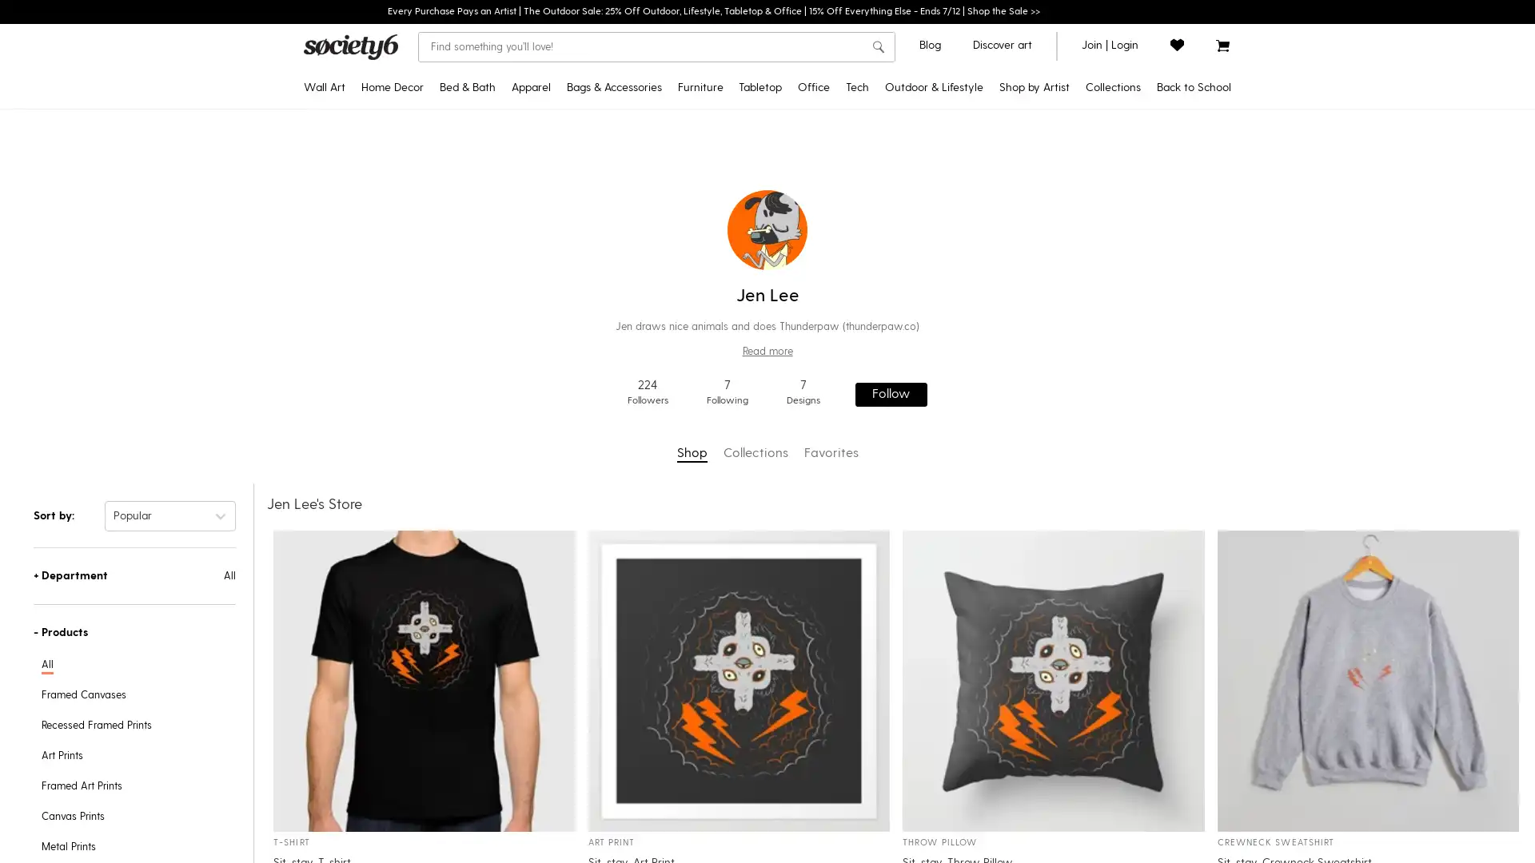  Describe the element at coordinates (991, 231) in the screenshot. I see `Discover AAPI Artists` at that location.